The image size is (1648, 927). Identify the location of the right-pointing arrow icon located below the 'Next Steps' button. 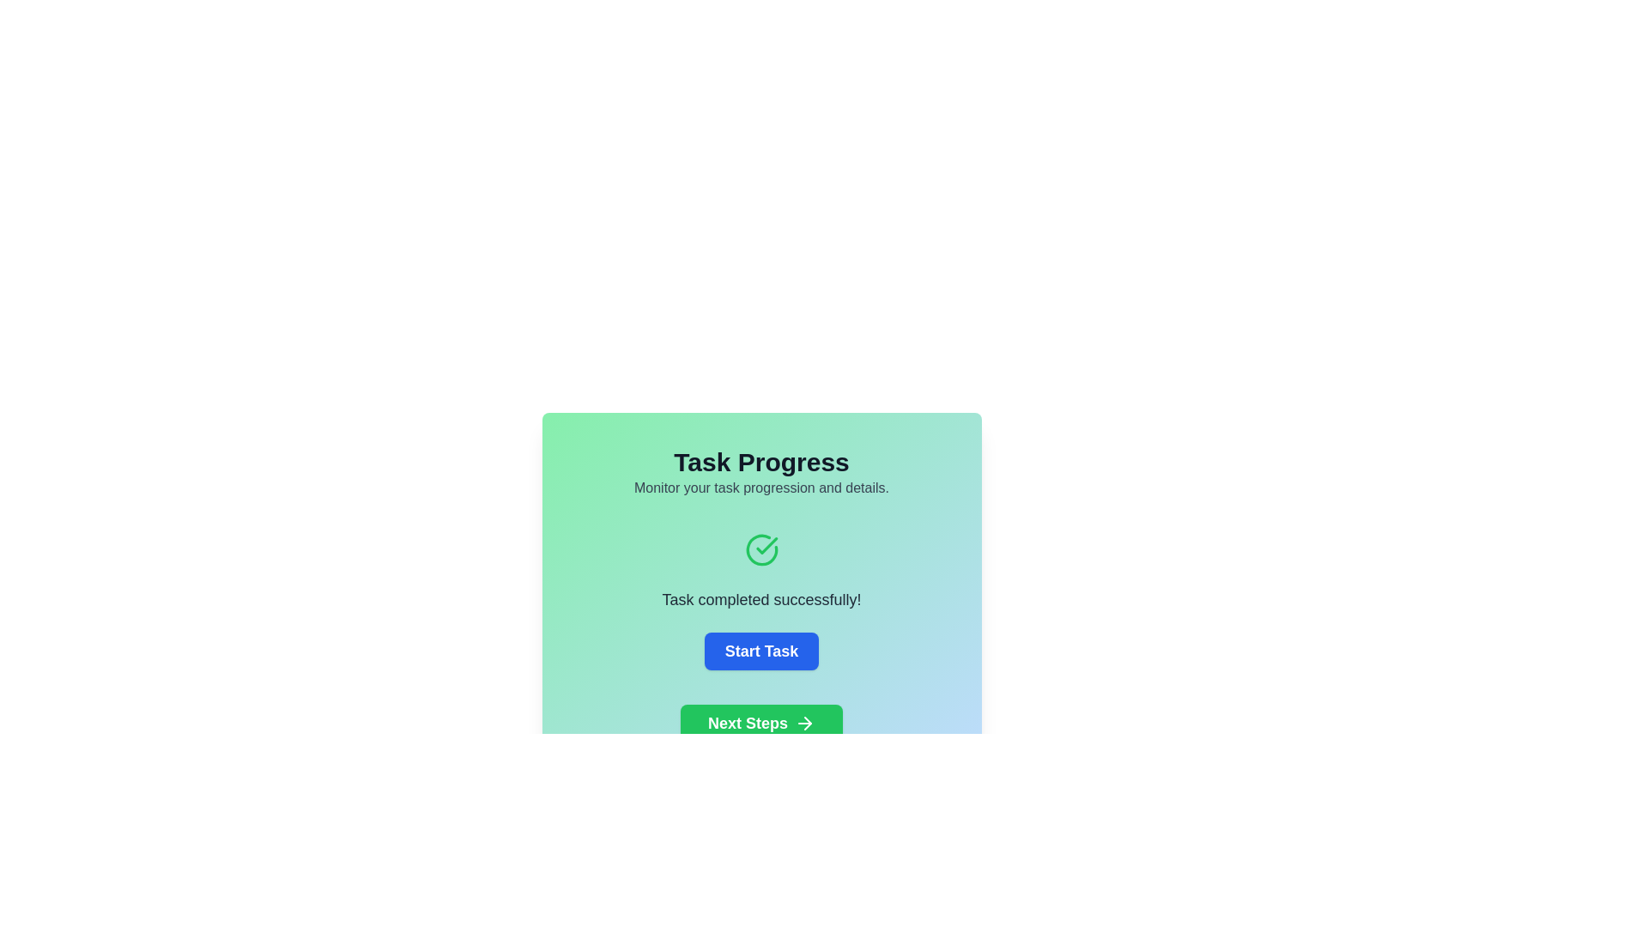
(807, 724).